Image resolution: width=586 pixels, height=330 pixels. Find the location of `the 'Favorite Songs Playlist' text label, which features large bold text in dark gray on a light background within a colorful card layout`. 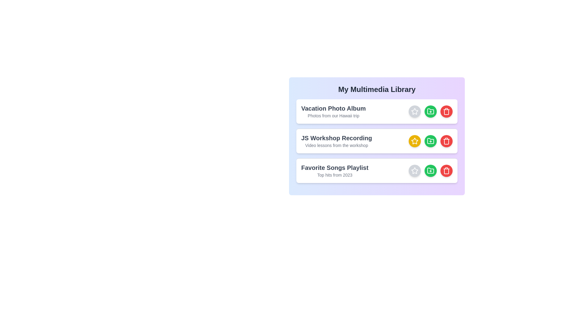

the 'Favorite Songs Playlist' text label, which features large bold text in dark gray on a light background within a colorful card layout is located at coordinates (335, 167).